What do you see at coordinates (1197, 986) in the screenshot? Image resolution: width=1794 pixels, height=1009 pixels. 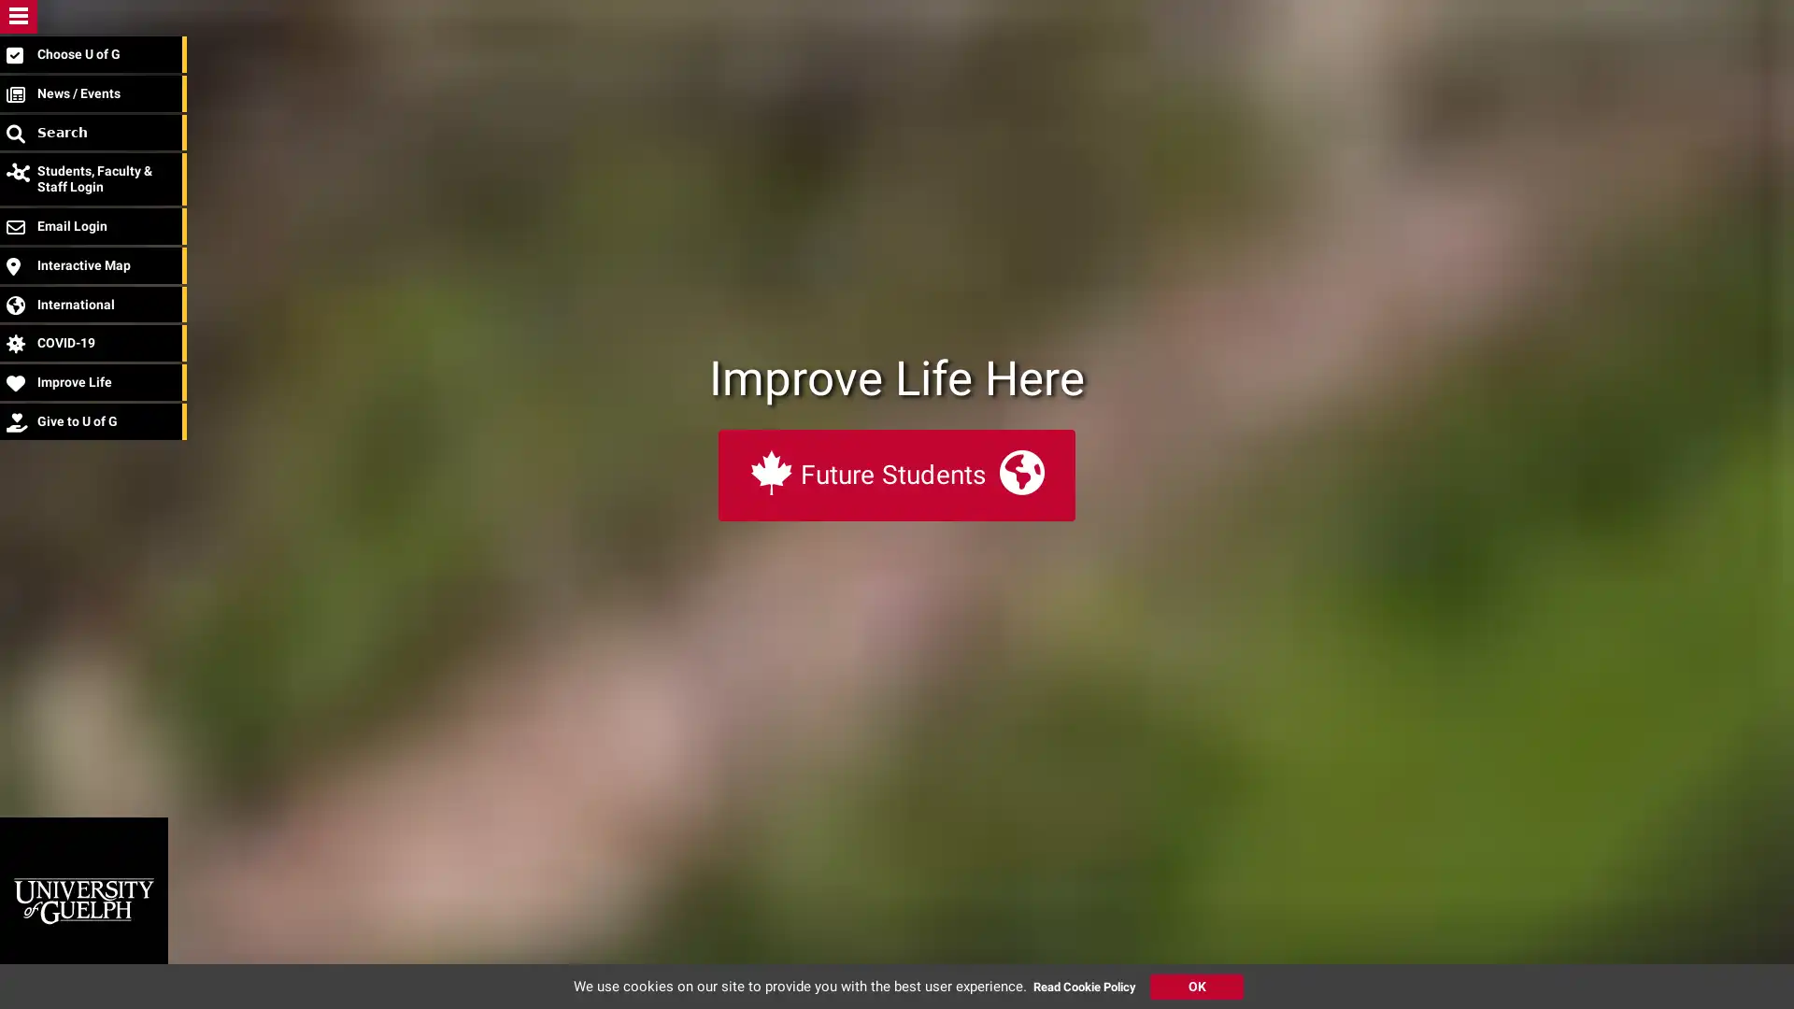 I see `Accept Cookie` at bounding box center [1197, 986].